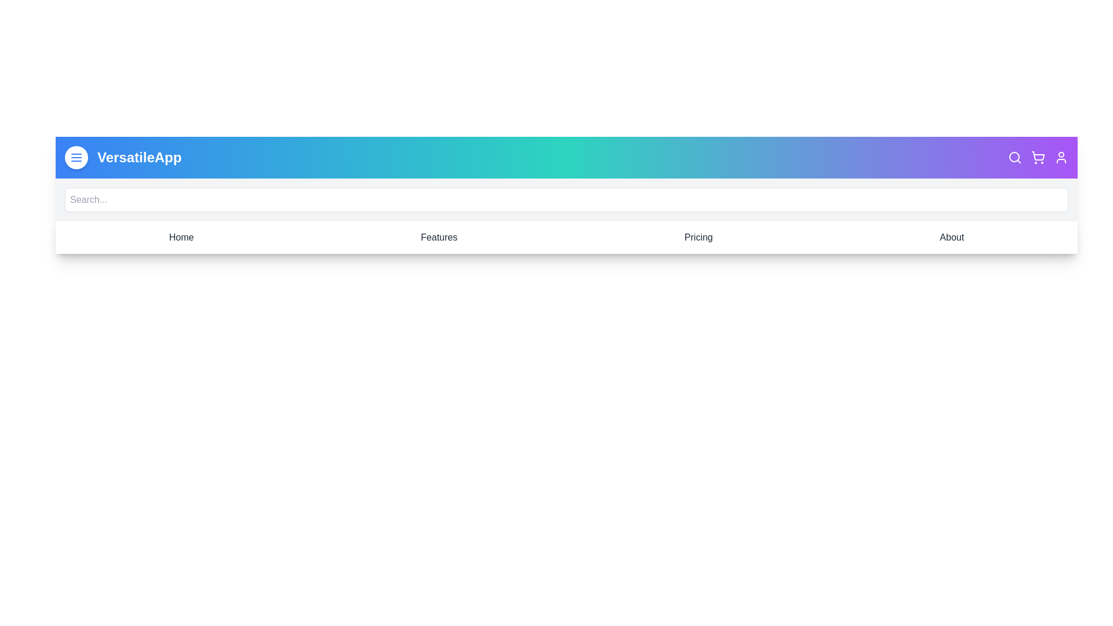 Image resolution: width=1113 pixels, height=626 pixels. I want to click on the search input field to focus on it, so click(566, 199).